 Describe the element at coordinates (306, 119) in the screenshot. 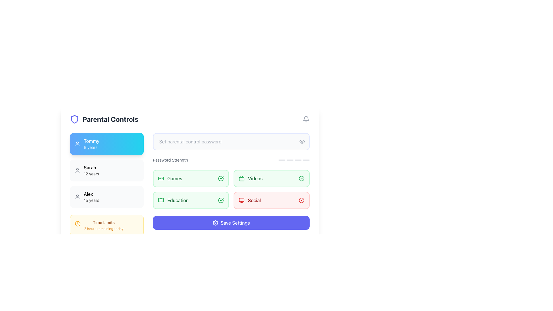

I see `the notification management icon located at the top-right corner of the interface under 'Parental Controls'` at that location.